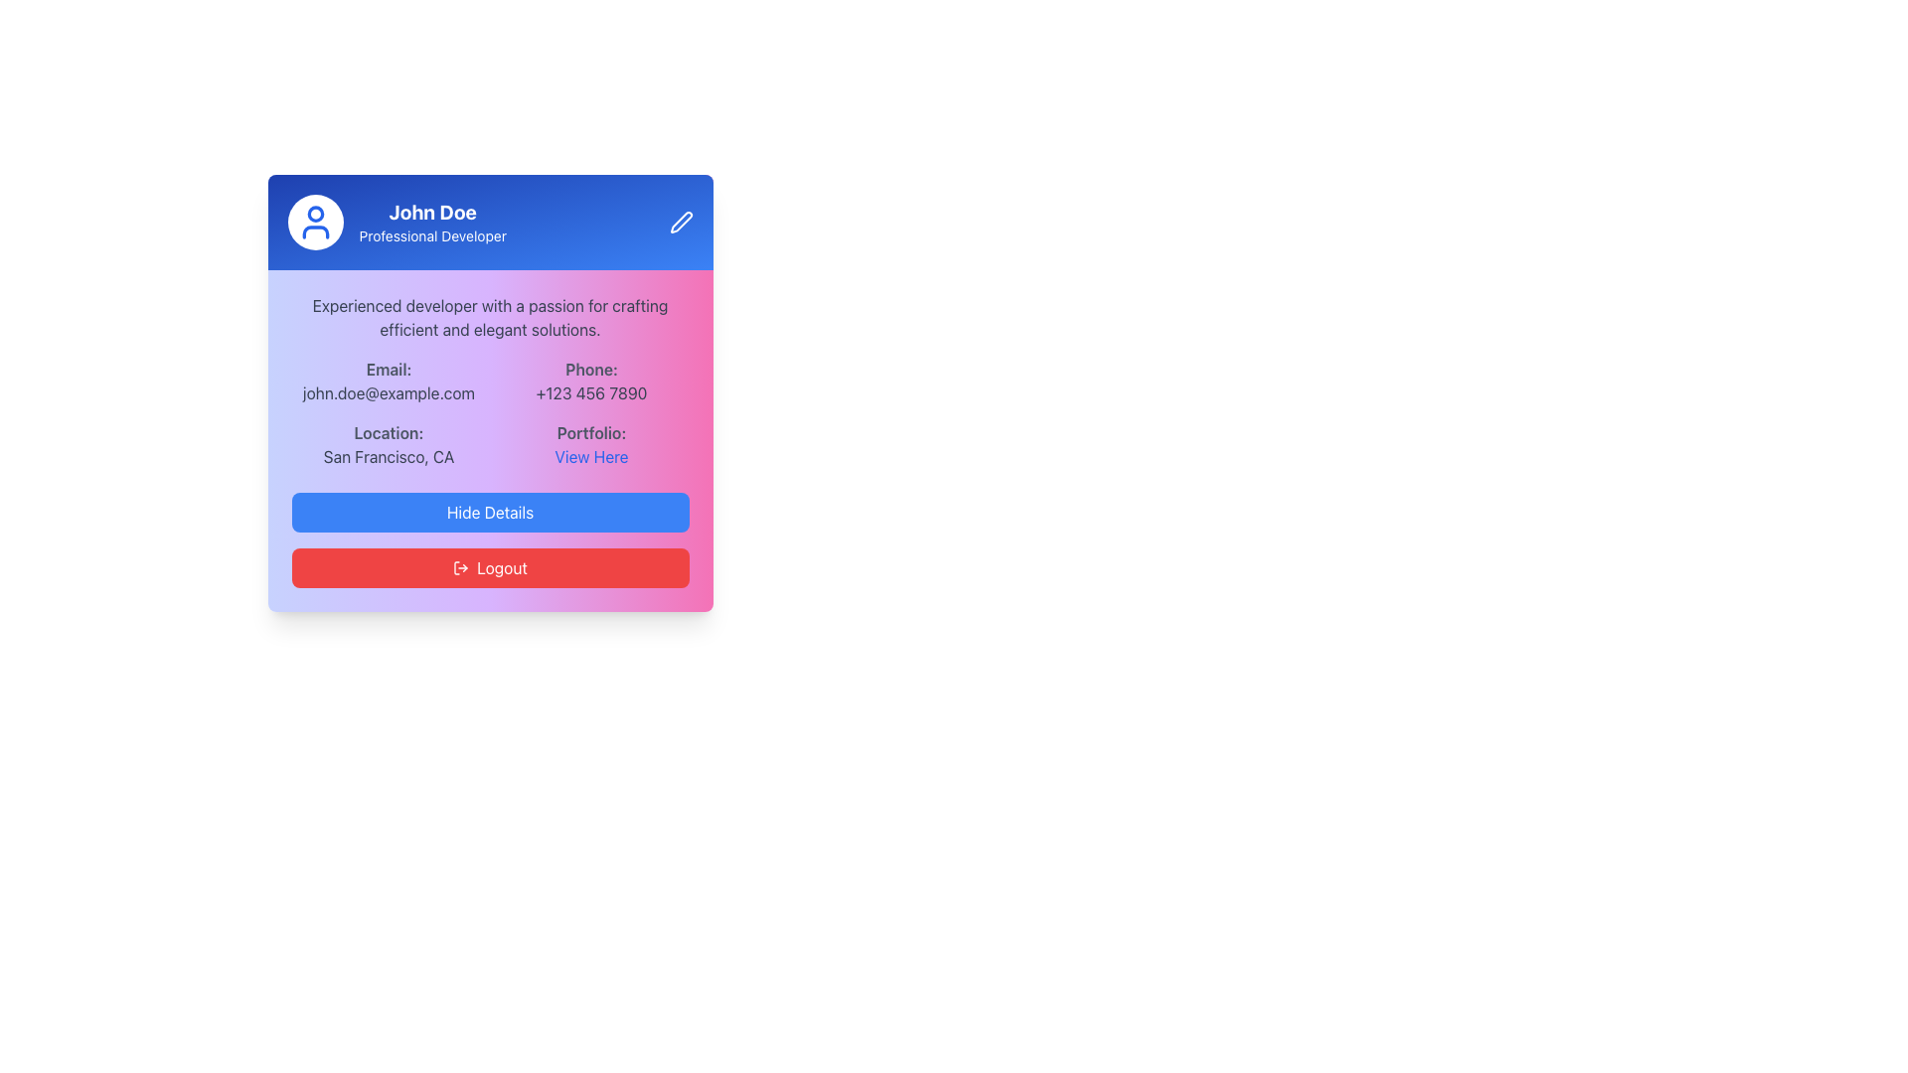  Describe the element at coordinates (431, 235) in the screenshot. I see `descriptor text for the individual named 'John Doe', located beneath their title in the blue header section of the card` at that location.